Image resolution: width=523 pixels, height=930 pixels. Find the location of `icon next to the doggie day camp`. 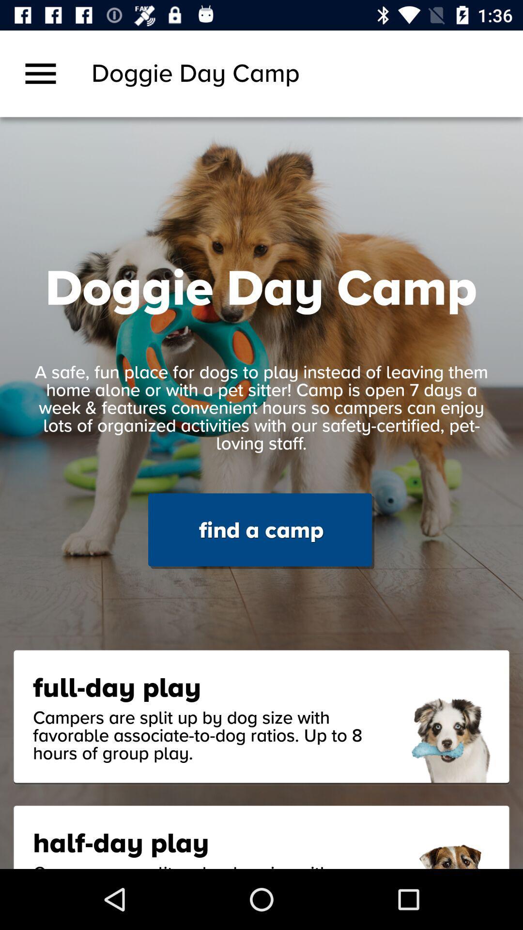

icon next to the doggie day camp is located at coordinates (40, 73).